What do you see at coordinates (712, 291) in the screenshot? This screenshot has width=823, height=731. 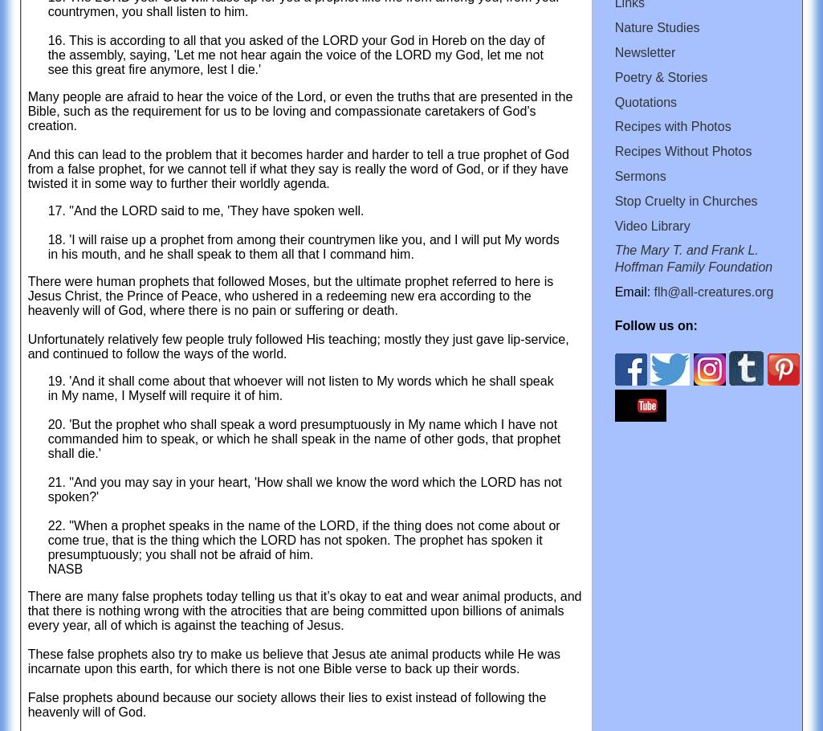 I see `'flh@all-creatures.org'` at bounding box center [712, 291].